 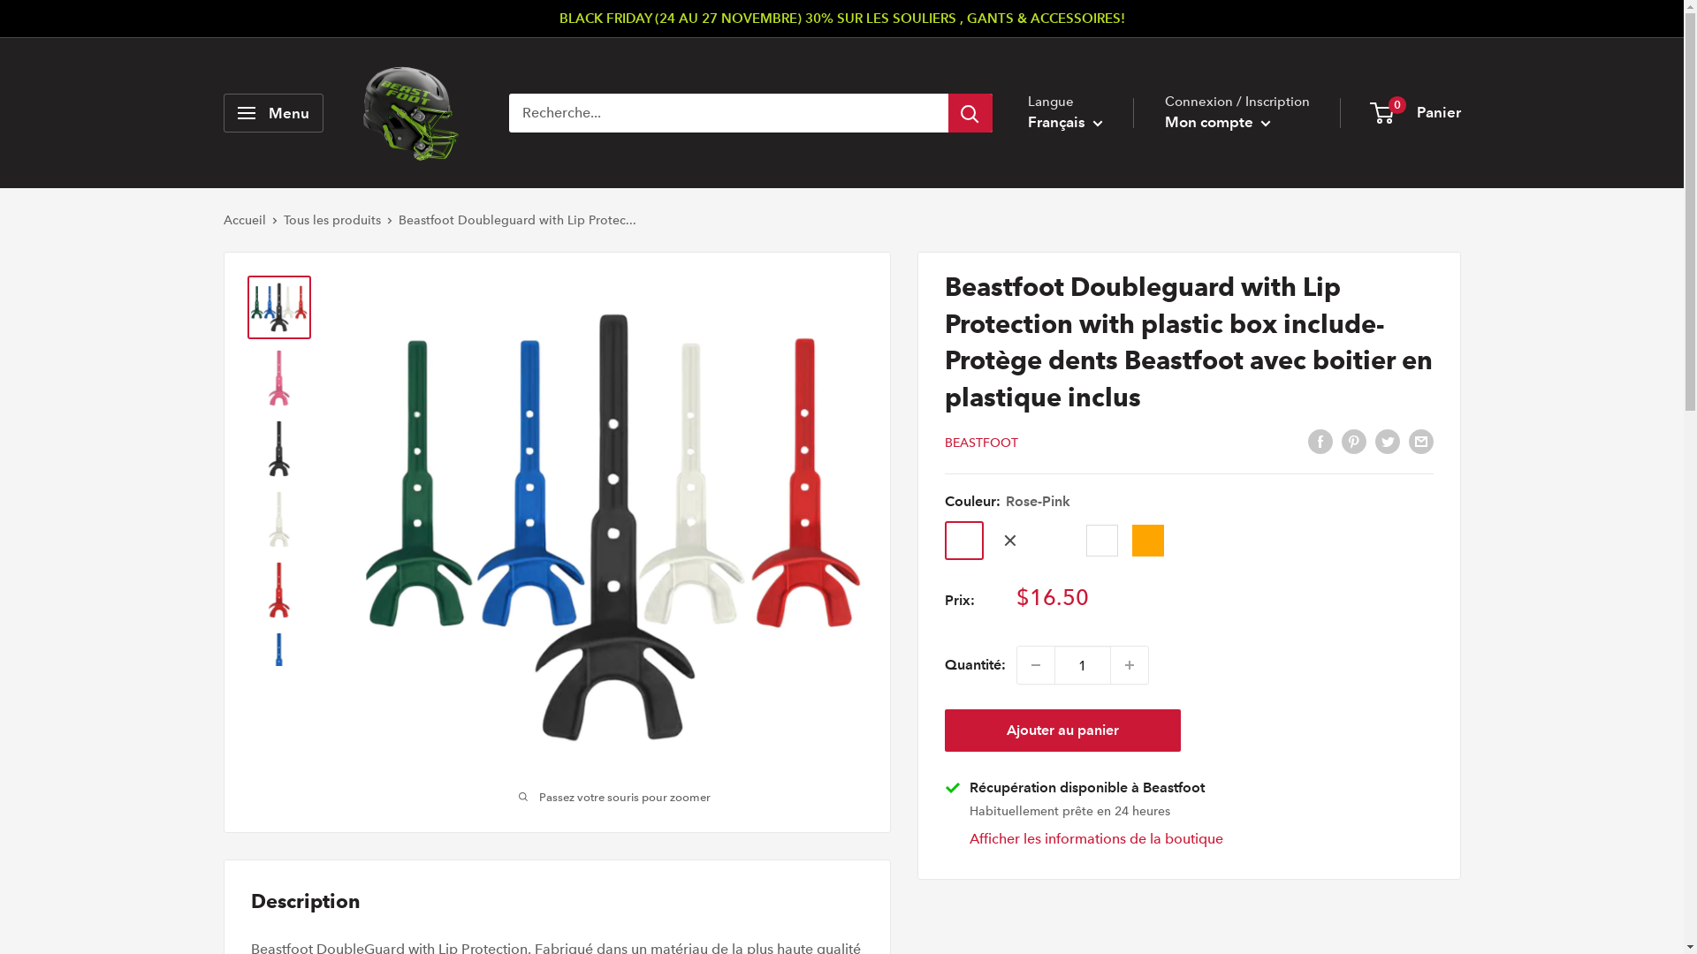 I want to click on 'en', so click(x=1080, y=197).